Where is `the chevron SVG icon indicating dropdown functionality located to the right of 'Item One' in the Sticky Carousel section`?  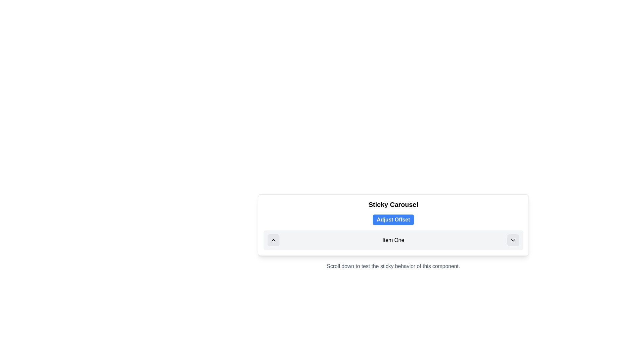 the chevron SVG icon indicating dropdown functionality located to the right of 'Item One' in the Sticky Carousel section is located at coordinates (513, 240).